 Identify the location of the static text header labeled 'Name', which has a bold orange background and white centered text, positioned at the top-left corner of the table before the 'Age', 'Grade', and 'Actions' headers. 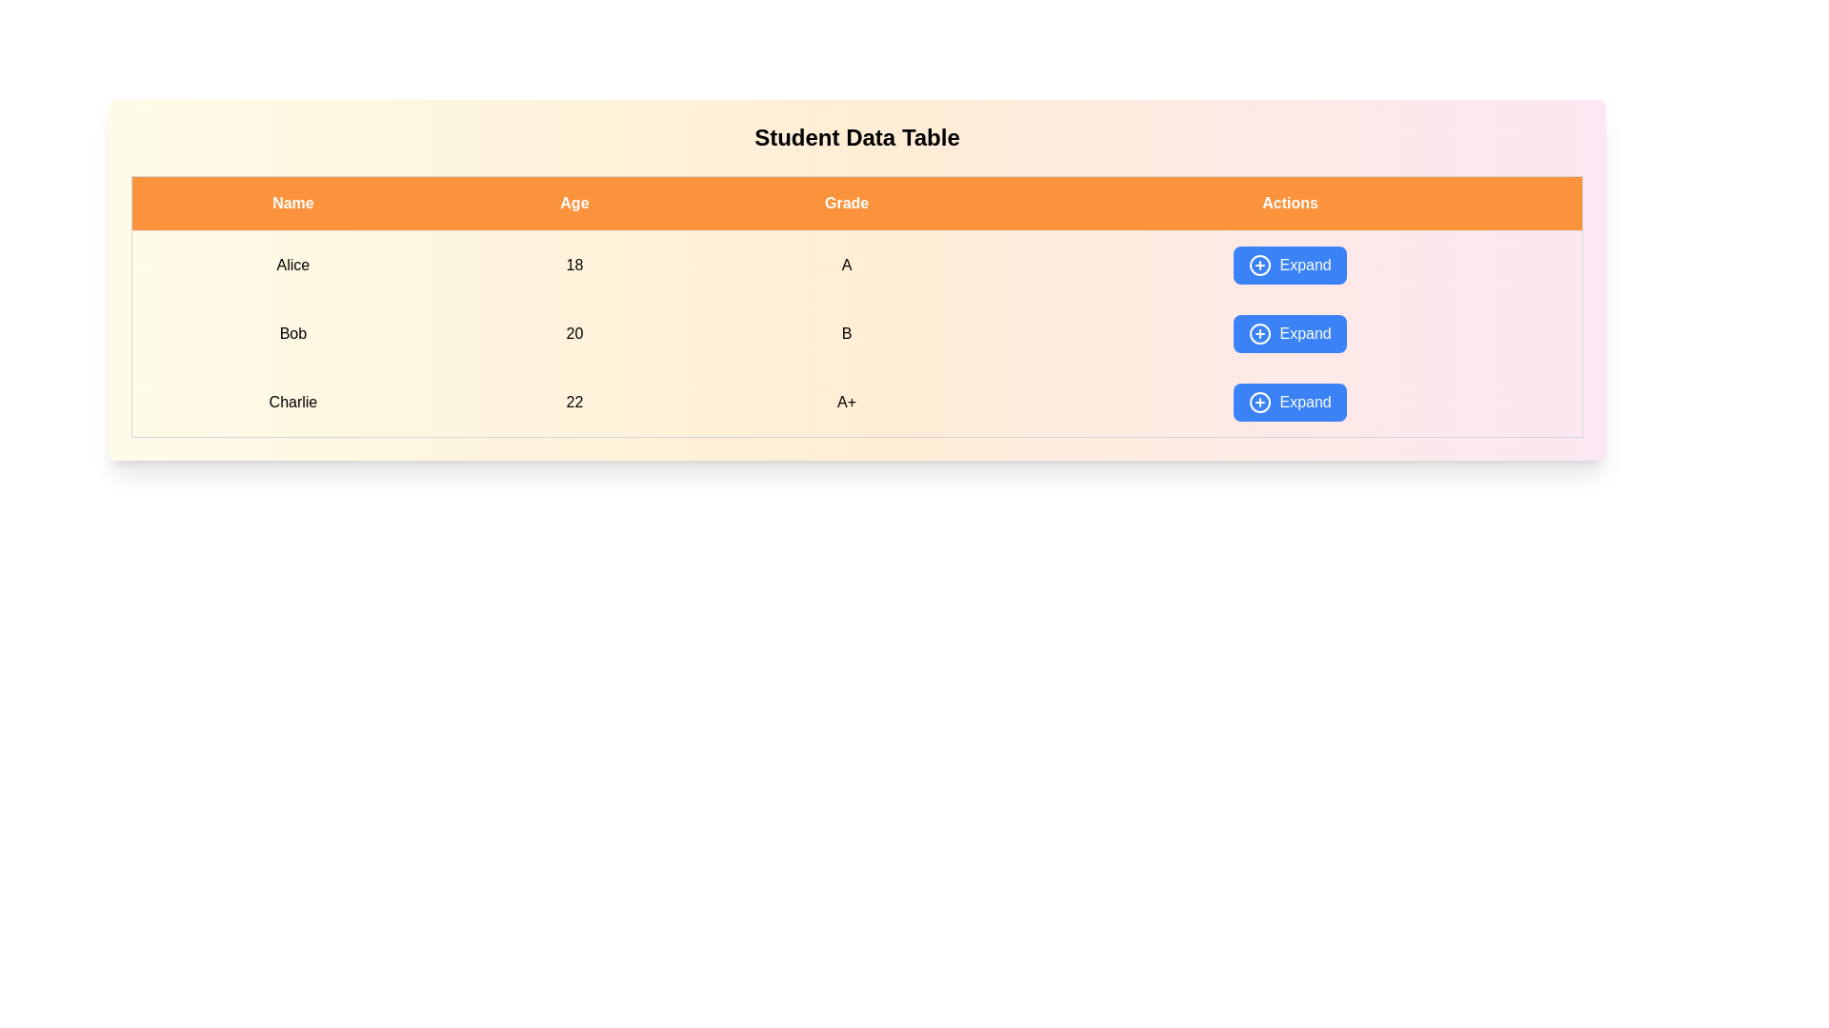
(291, 203).